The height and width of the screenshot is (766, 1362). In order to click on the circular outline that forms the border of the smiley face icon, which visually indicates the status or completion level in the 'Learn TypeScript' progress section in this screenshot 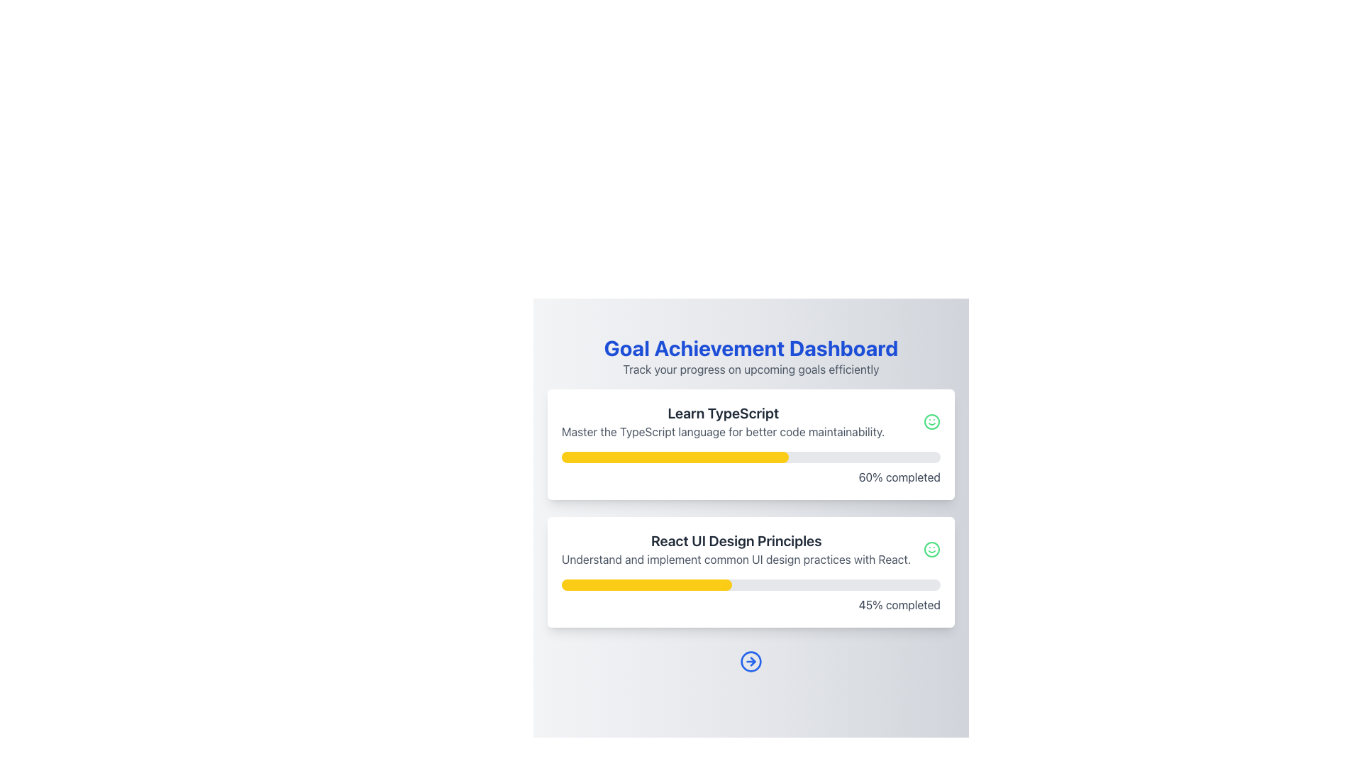, I will do `click(932, 421)`.